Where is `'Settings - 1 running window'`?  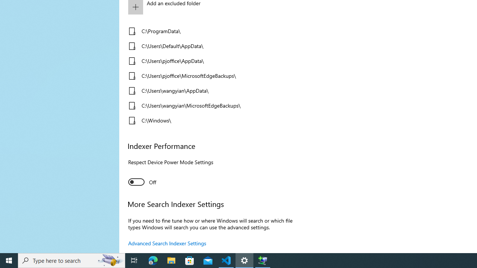 'Settings - 1 running window' is located at coordinates (244, 260).